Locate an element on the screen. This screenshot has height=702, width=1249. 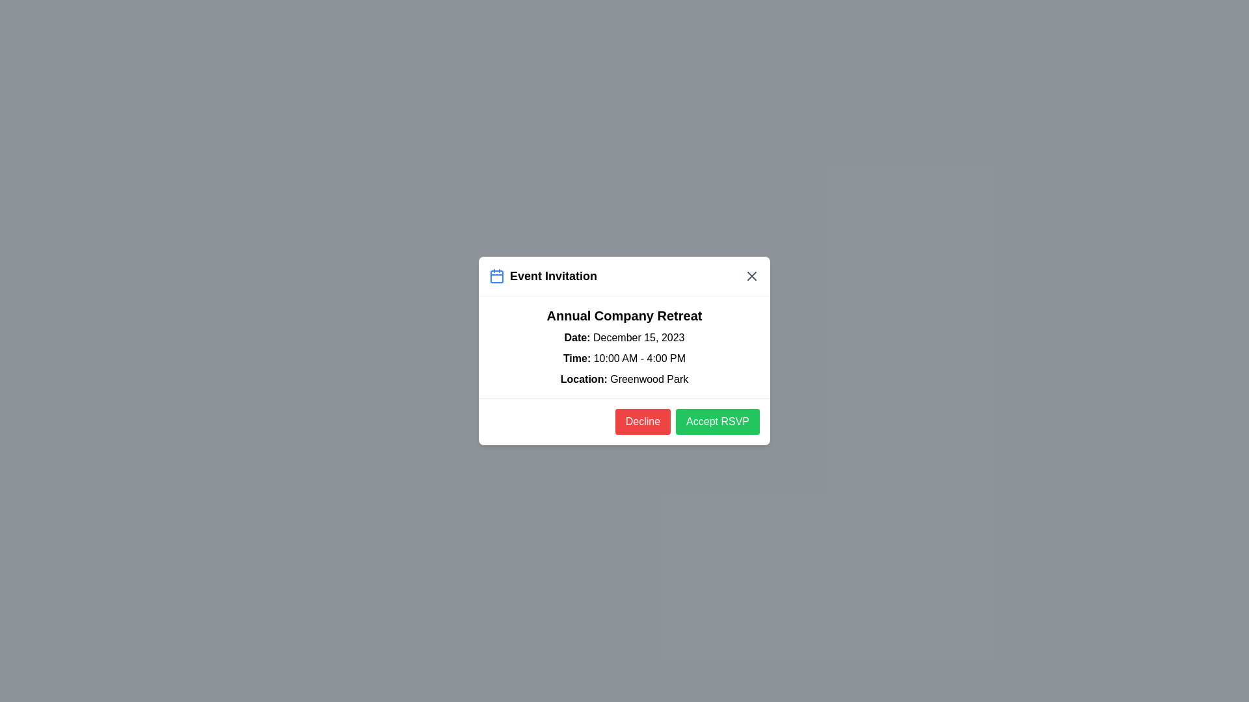
the text label that serves as the title or header for the dialog, positioned in the upper-left part of the dialog box, to the right of a calendar icon is located at coordinates (553, 275).